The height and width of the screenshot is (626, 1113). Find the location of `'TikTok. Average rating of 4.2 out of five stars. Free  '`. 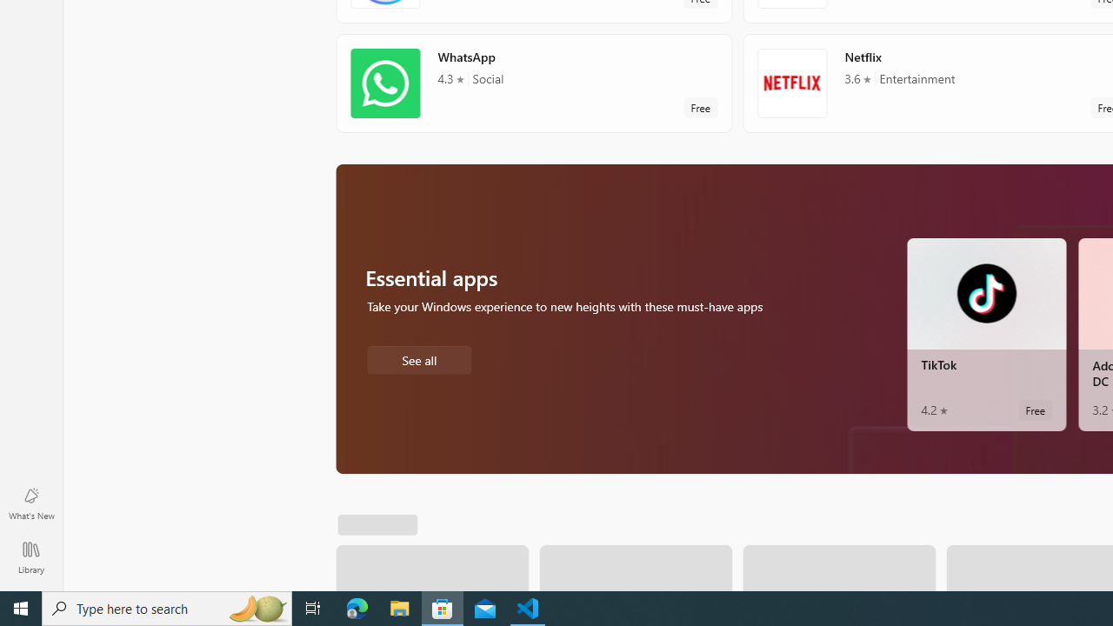

'TikTok. Average rating of 4.2 out of five stars. Free  ' is located at coordinates (986, 334).